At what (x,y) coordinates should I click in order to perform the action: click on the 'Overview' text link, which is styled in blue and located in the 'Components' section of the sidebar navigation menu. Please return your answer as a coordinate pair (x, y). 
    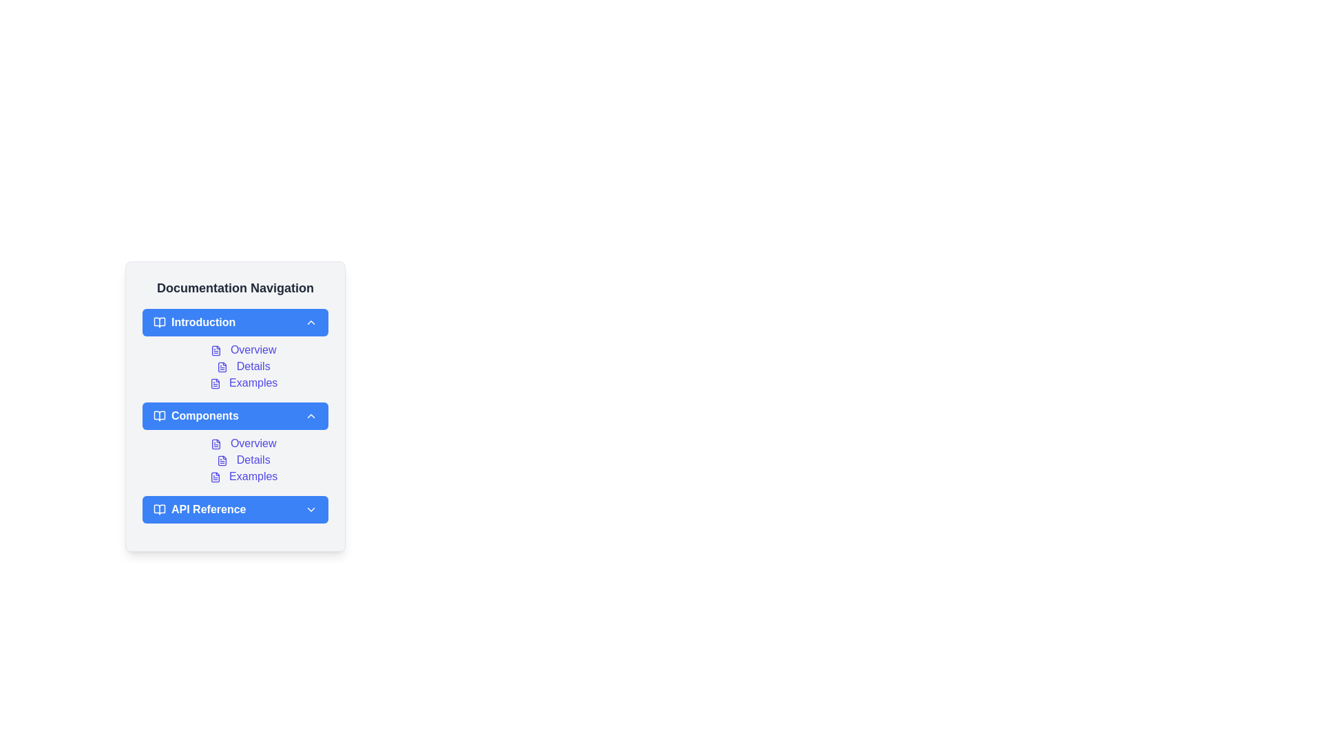
    Looking at the image, I should click on (235, 443).